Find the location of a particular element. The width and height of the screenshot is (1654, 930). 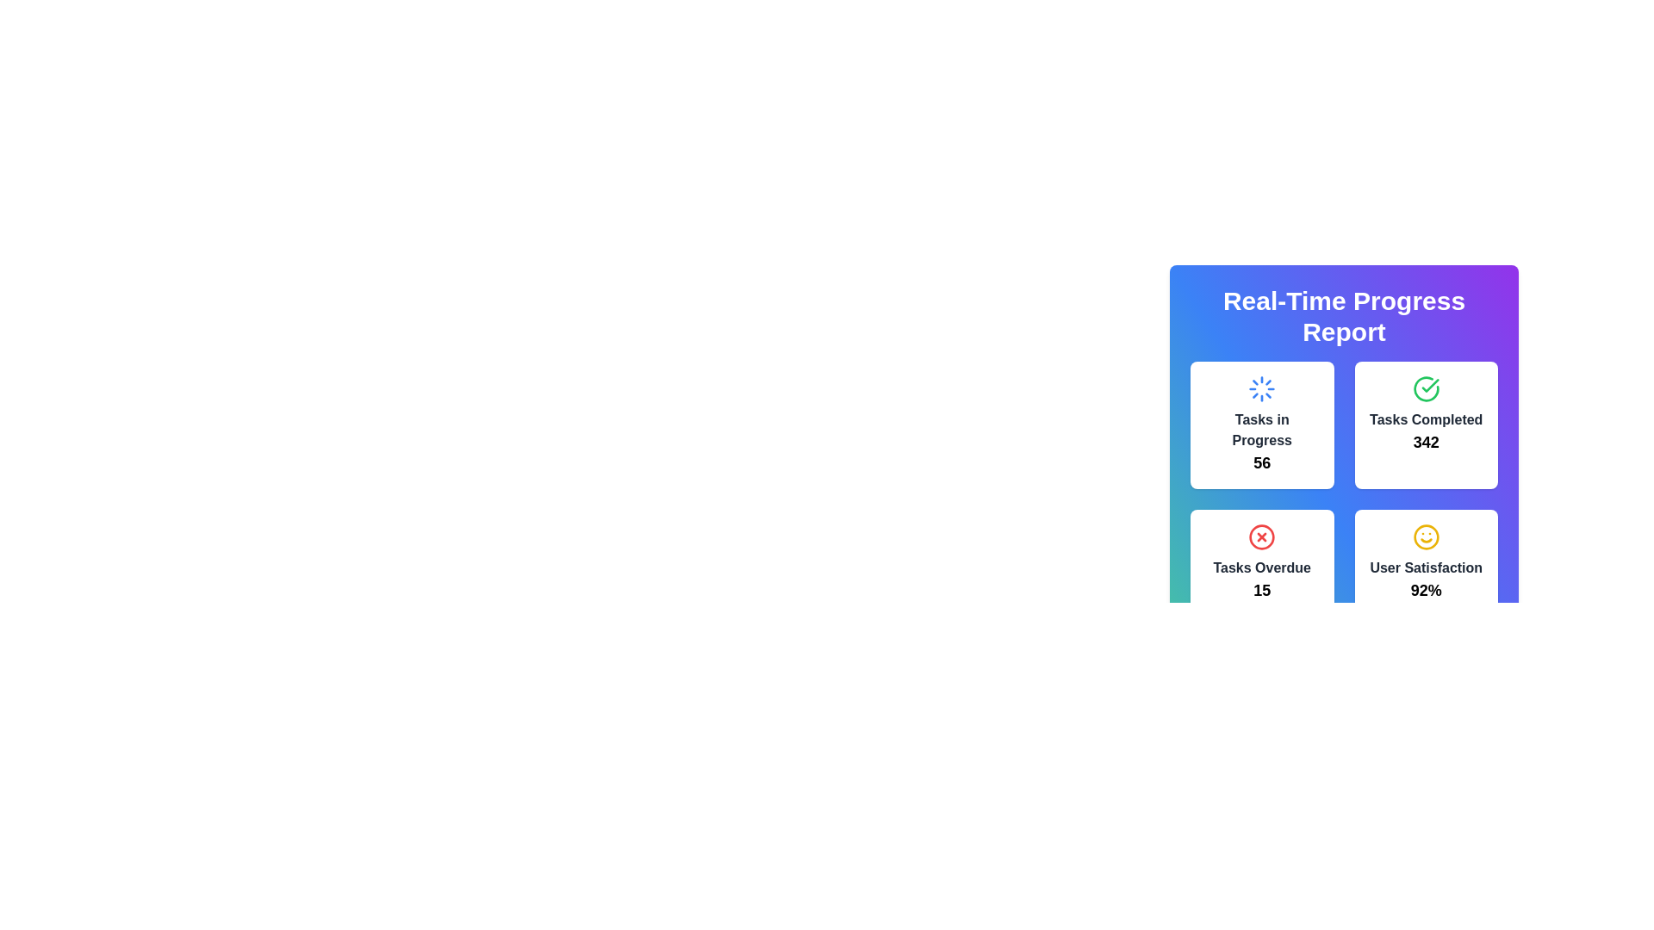

text of the label indicating the category of overdue tasks, which is positioned above the numeric value '15' in the lower-left quadrant of the 'Real-Time Progress Report' section is located at coordinates (1262, 567).